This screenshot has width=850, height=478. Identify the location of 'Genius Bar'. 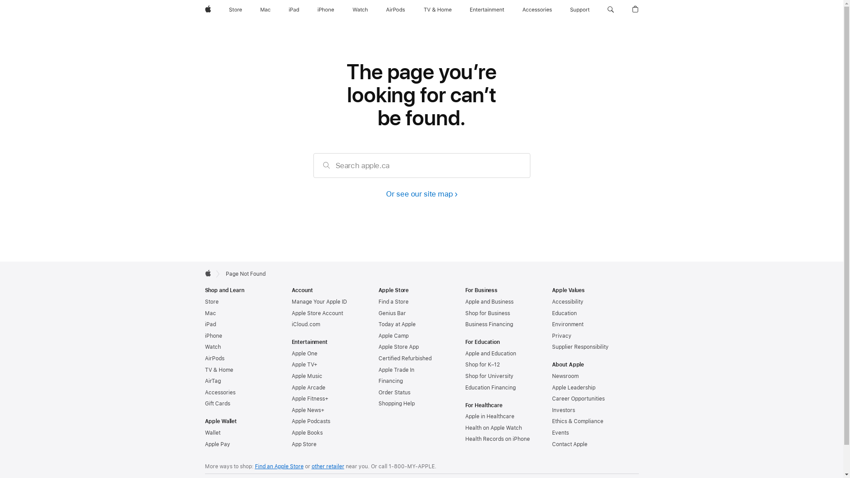
(378, 313).